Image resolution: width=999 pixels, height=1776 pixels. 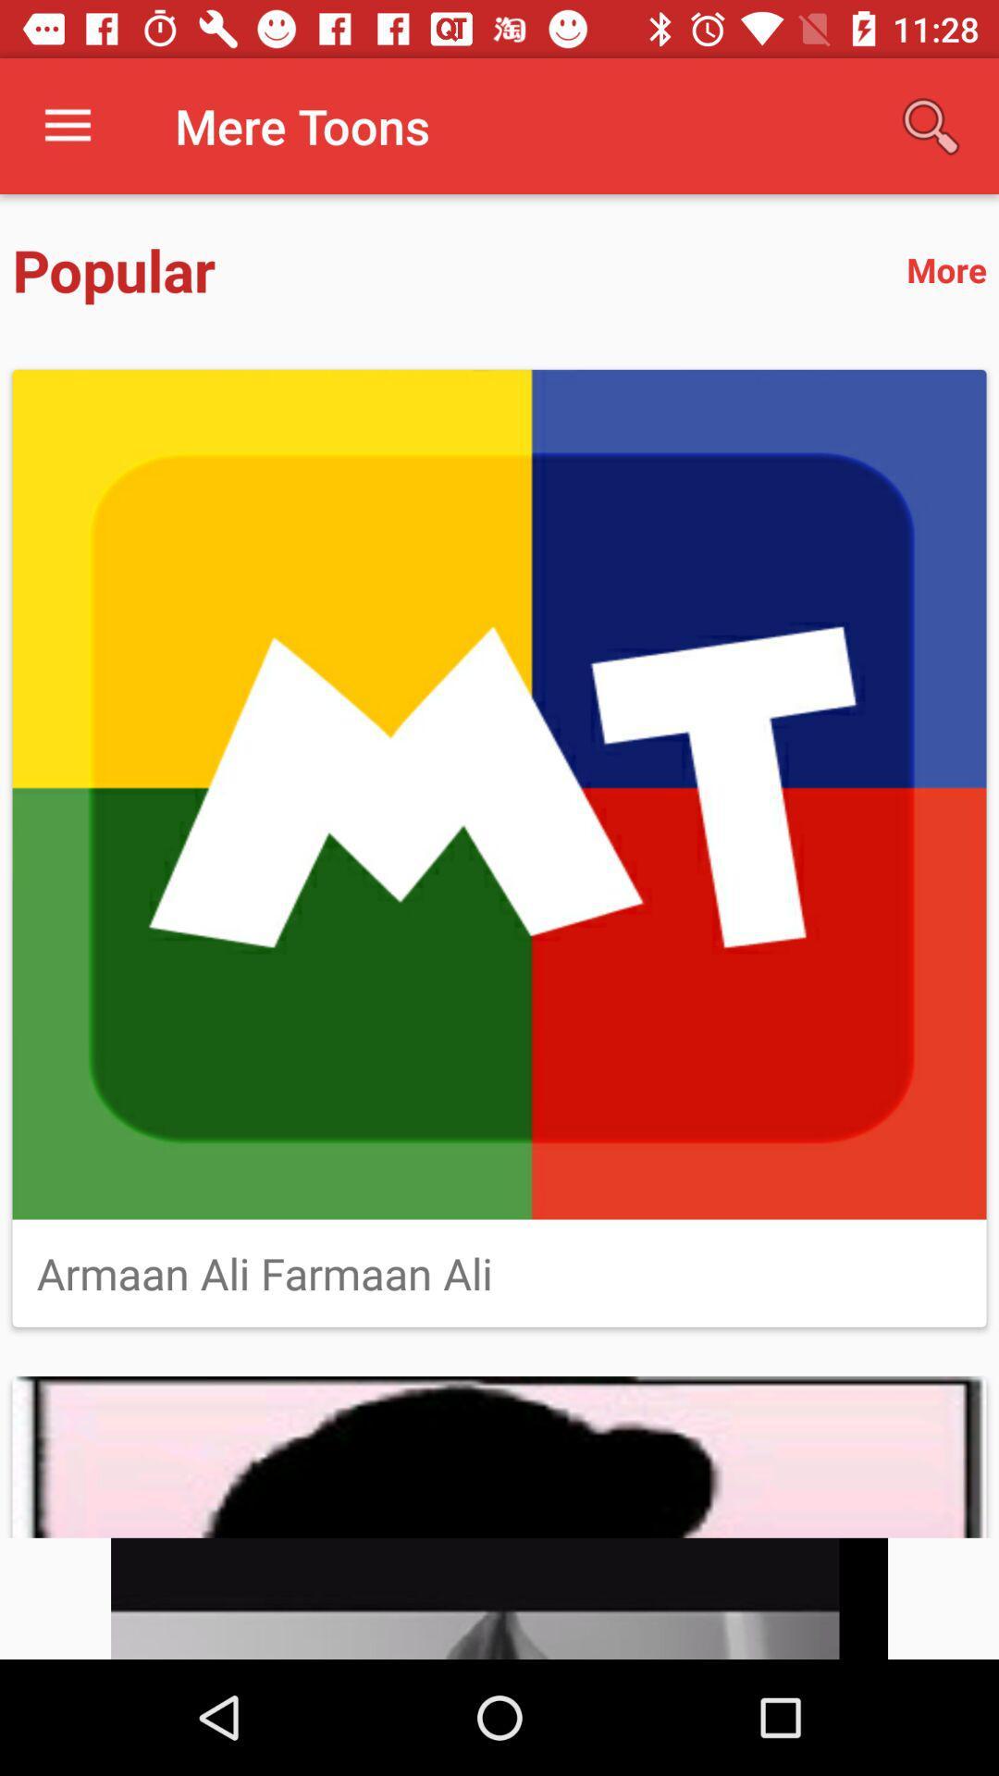 I want to click on the more, so click(x=946, y=268).